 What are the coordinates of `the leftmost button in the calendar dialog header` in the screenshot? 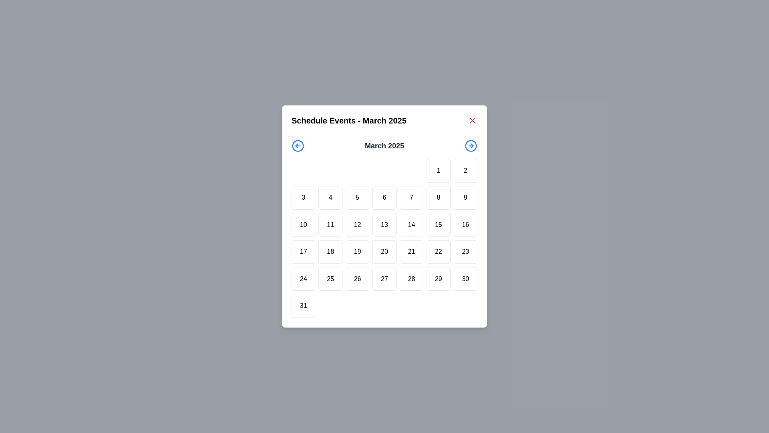 It's located at (298, 146).